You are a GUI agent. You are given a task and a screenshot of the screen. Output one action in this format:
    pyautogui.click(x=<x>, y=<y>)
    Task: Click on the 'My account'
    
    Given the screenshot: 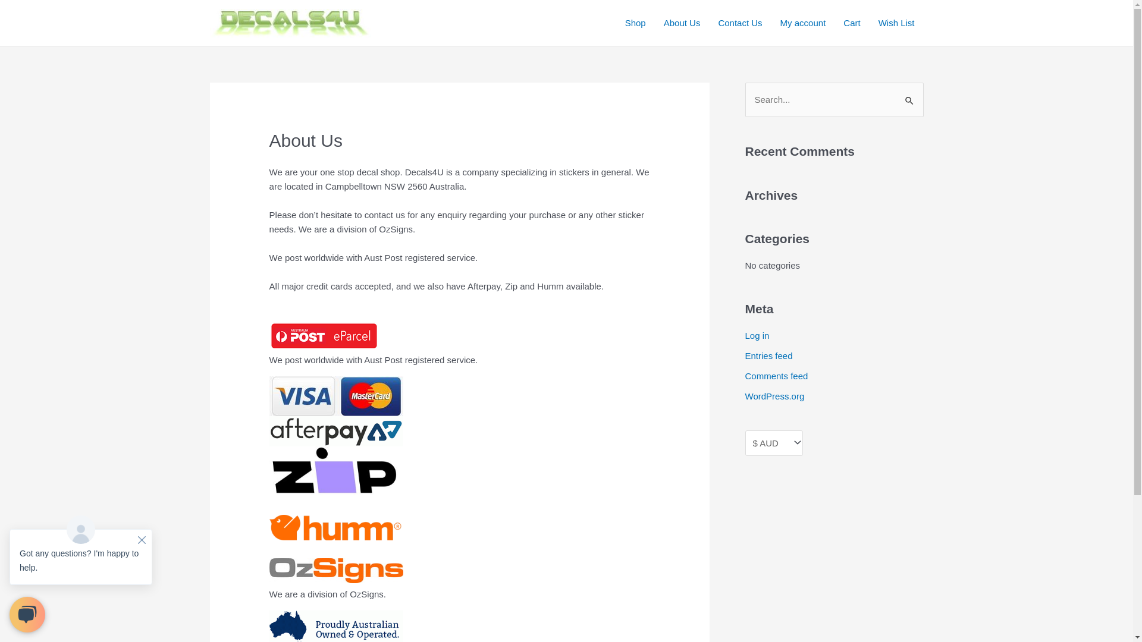 What is the action you would take?
    pyautogui.click(x=771, y=23)
    